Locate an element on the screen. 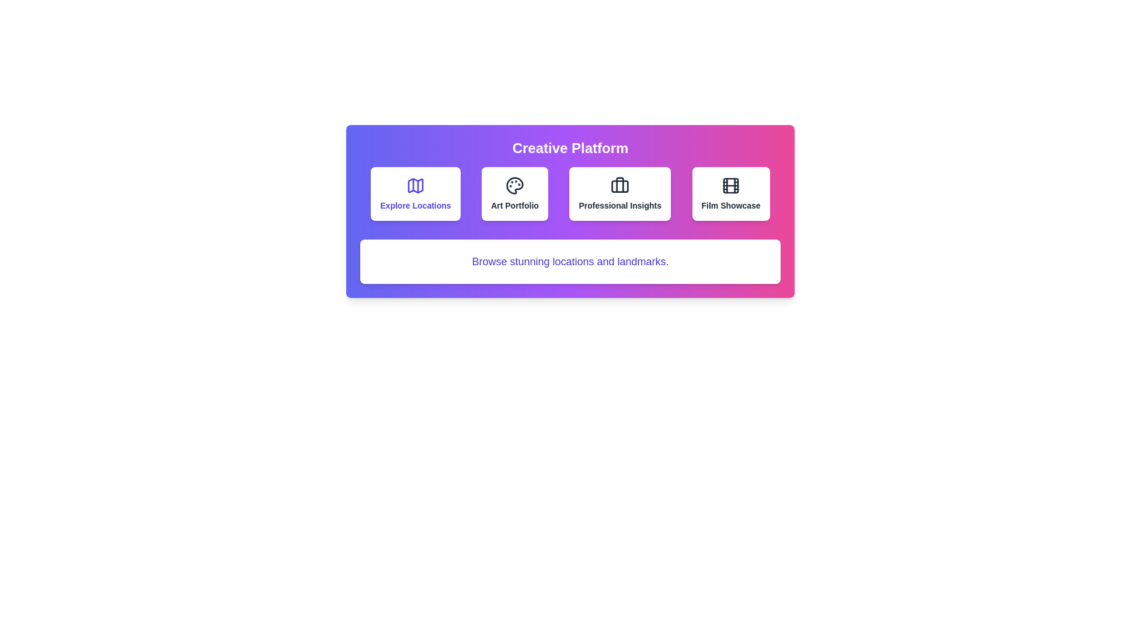  the button corresponding to the category Explore Locations to select it is located at coordinates (415, 193).